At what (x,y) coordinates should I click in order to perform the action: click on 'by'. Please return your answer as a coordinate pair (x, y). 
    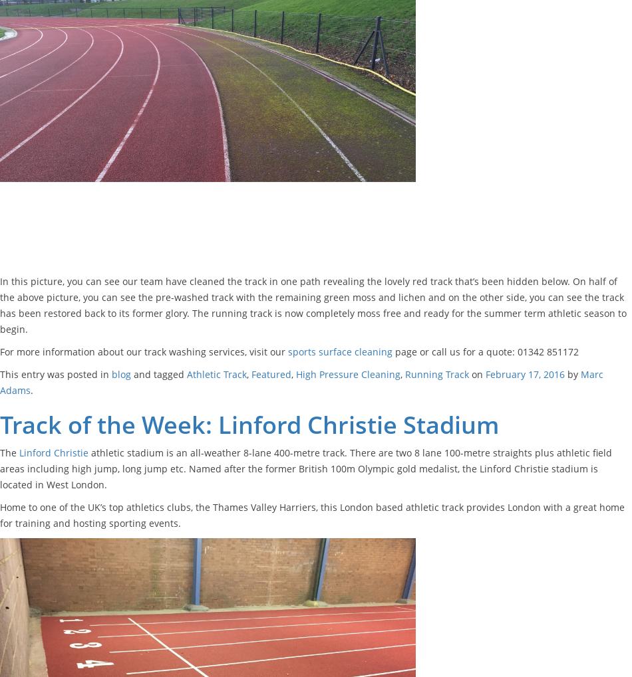
    Looking at the image, I should click on (571, 373).